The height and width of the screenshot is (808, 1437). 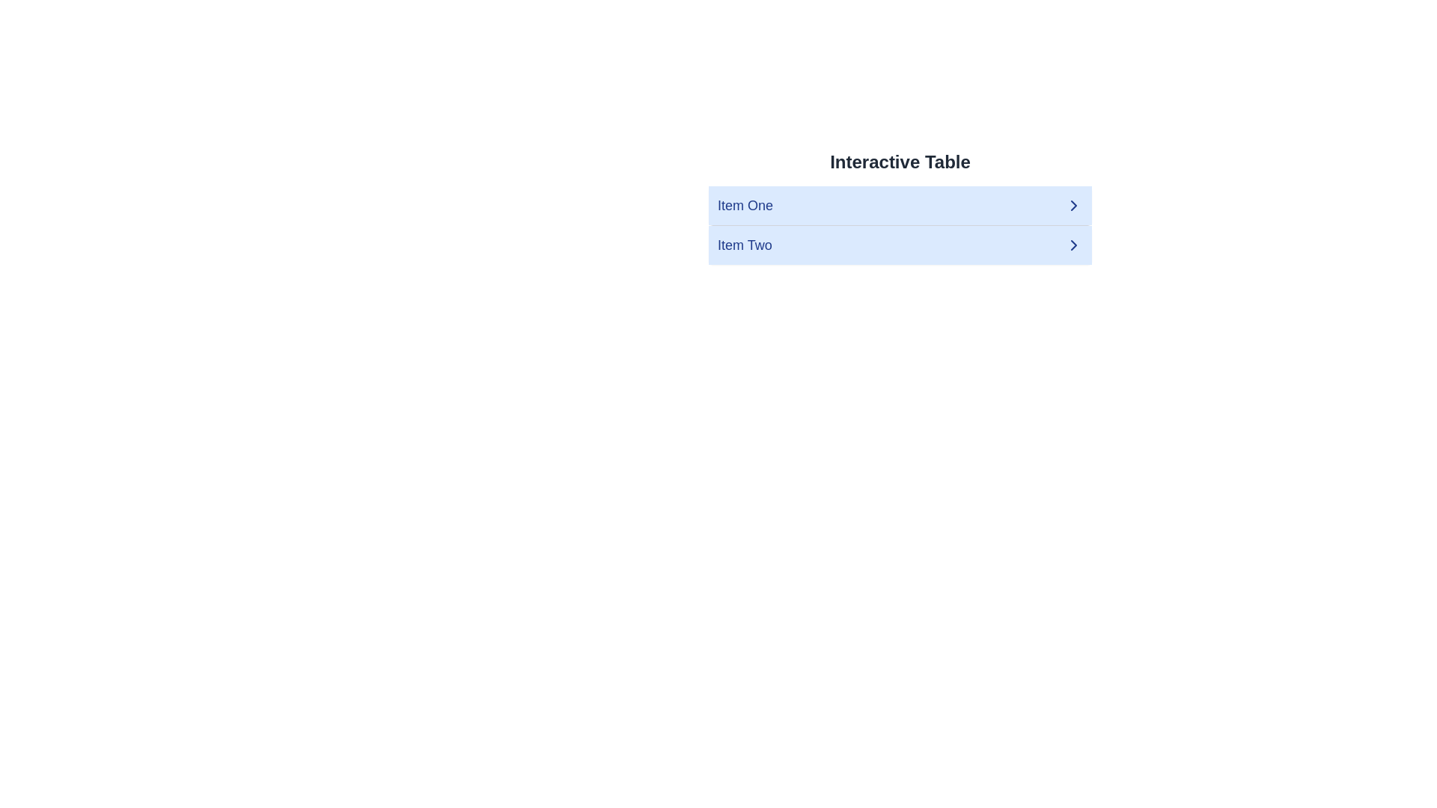 What do you see at coordinates (1073, 205) in the screenshot?
I see `the blue right-facing chevron arrow icon located at the far-right side of the first row in the 'Interactive Table'` at bounding box center [1073, 205].